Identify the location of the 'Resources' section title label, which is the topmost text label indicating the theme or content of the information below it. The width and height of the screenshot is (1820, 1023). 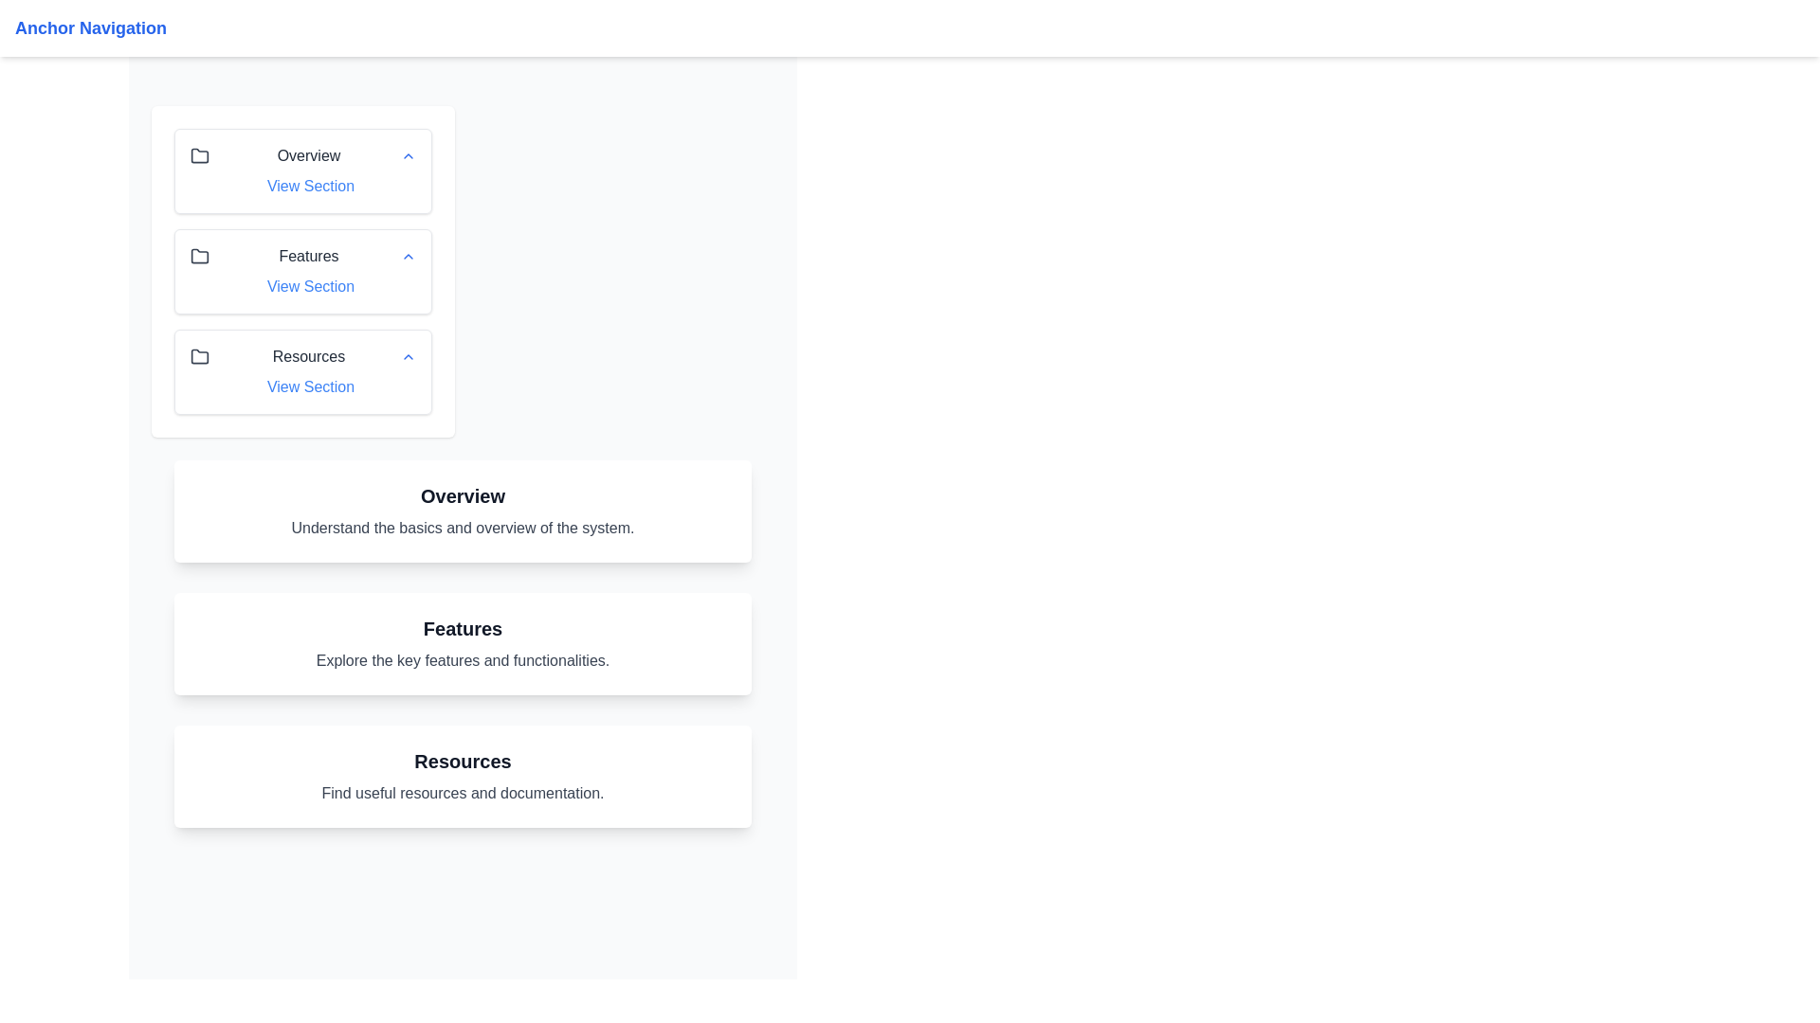
(463, 760).